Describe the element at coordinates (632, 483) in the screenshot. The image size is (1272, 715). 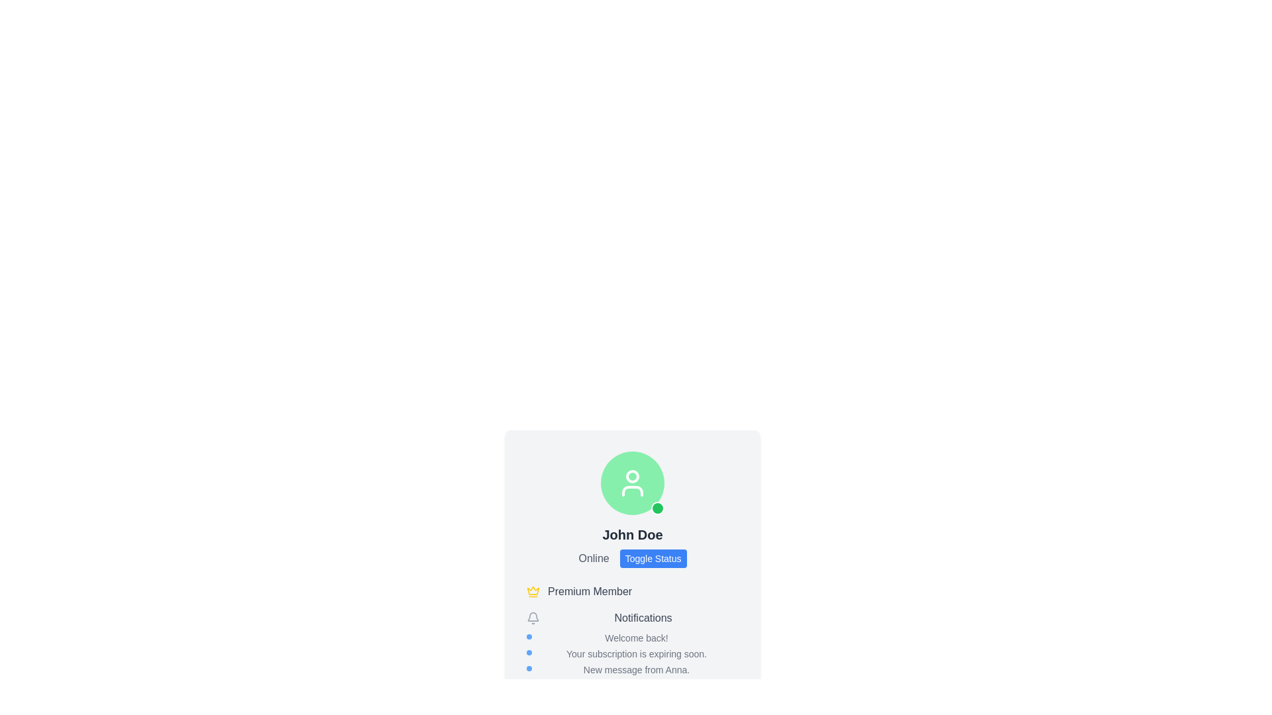
I see `the Decorative avatar icon, which is a circular green area with a white user icon in the center, located above the text 'John Doe' and near the label 'Online'` at that location.